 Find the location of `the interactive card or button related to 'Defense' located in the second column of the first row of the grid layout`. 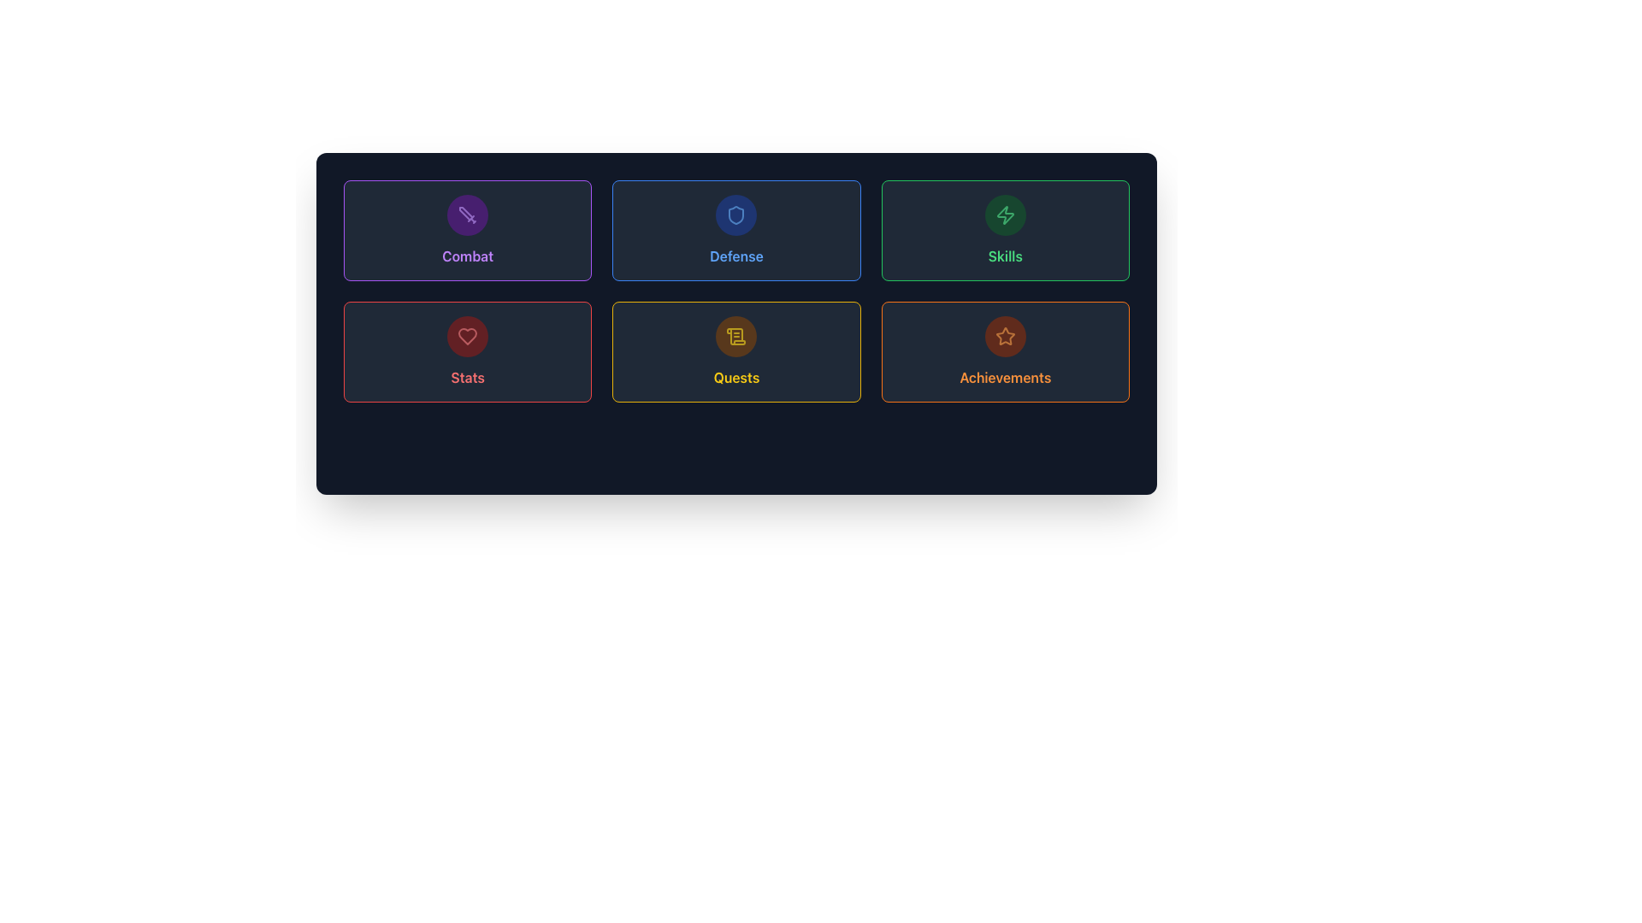

the interactive card or button related to 'Defense' located in the second column of the first row of the grid layout is located at coordinates (736, 231).